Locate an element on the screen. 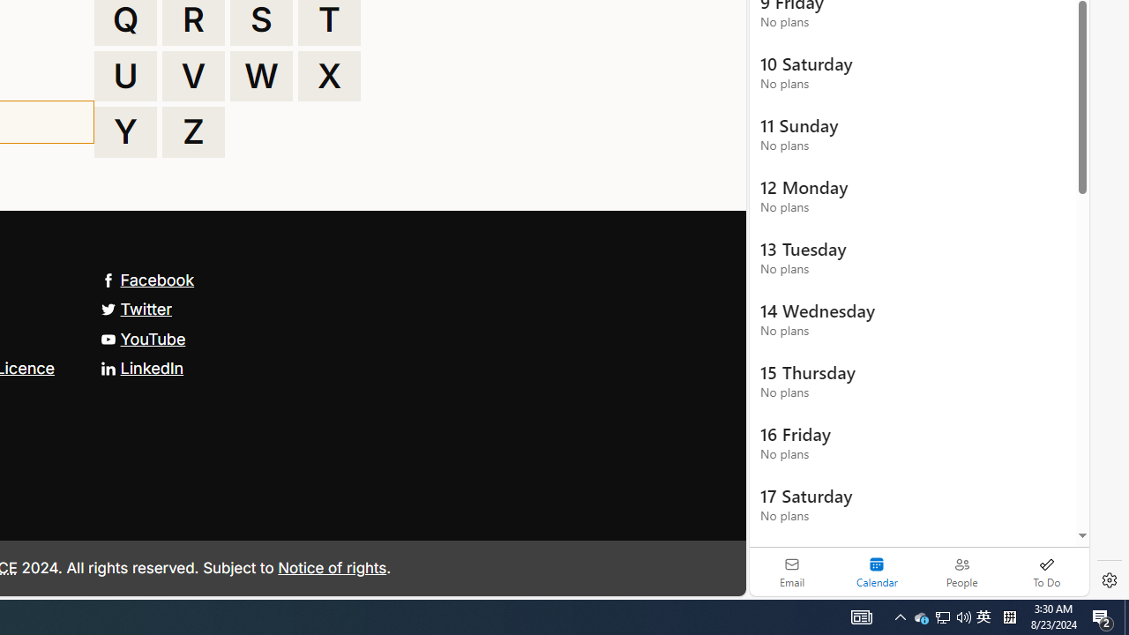 This screenshot has width=1129, height=635. 'Facebook' is located at coordinates (147, 279).